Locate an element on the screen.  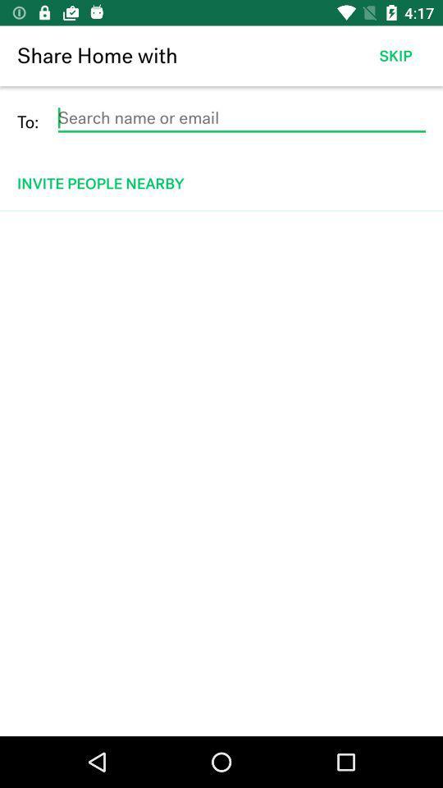
invite people nearby item is located at coordinates (222, 183).